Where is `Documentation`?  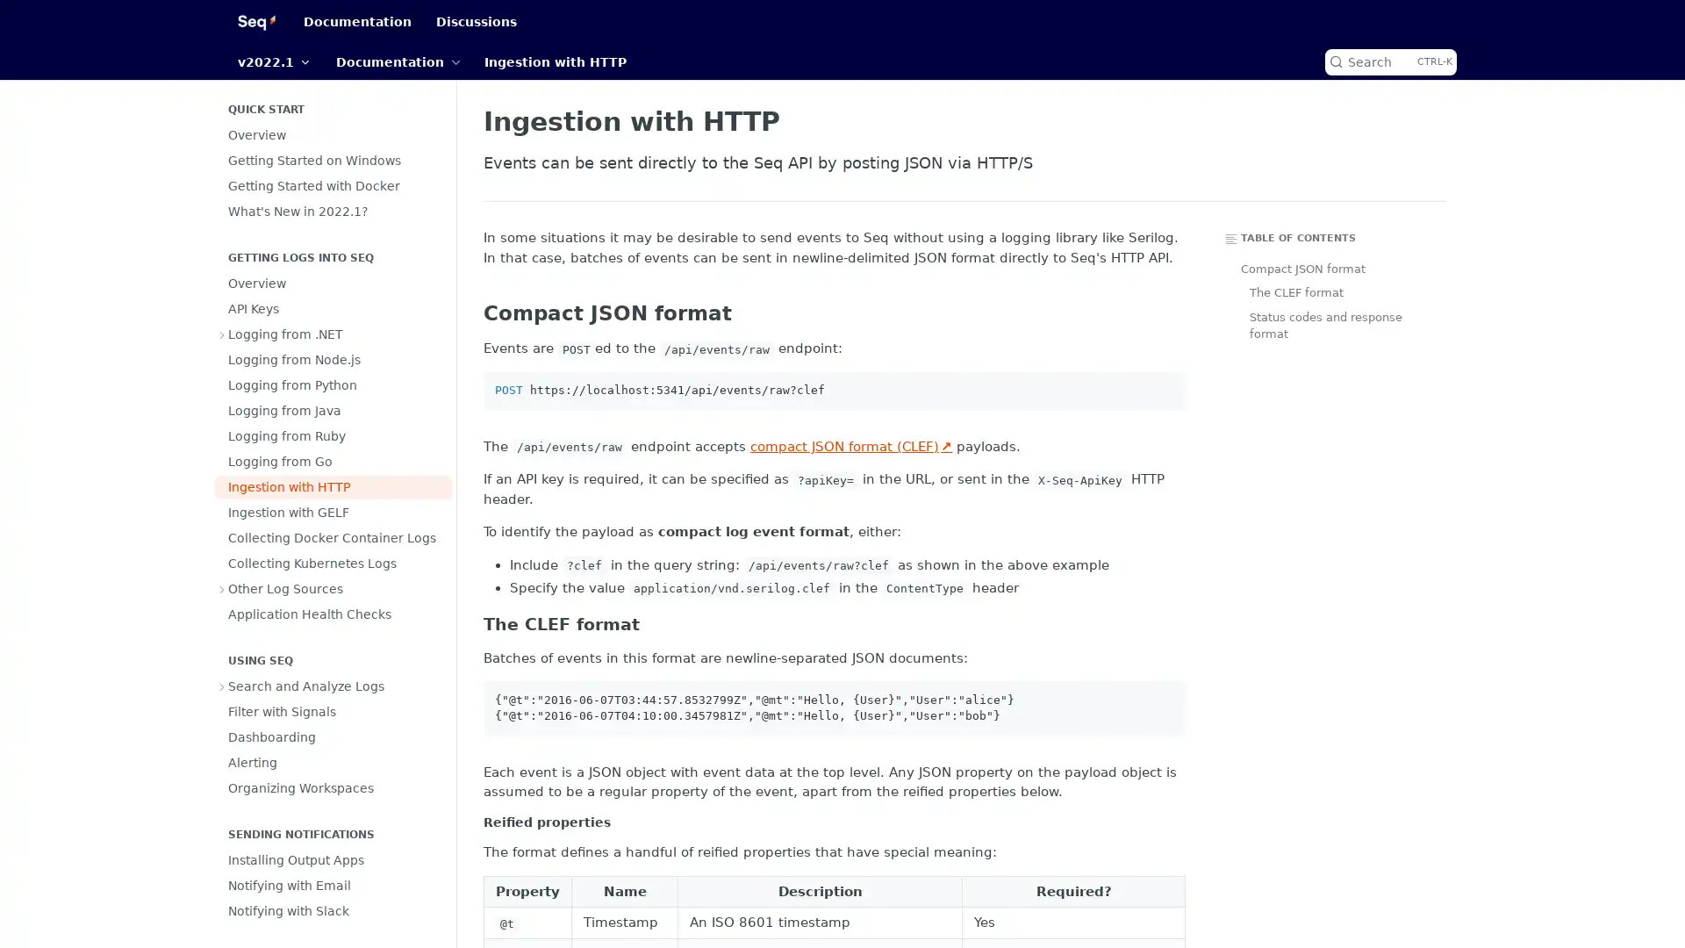 Documentation is located at coordinates (397, 61).